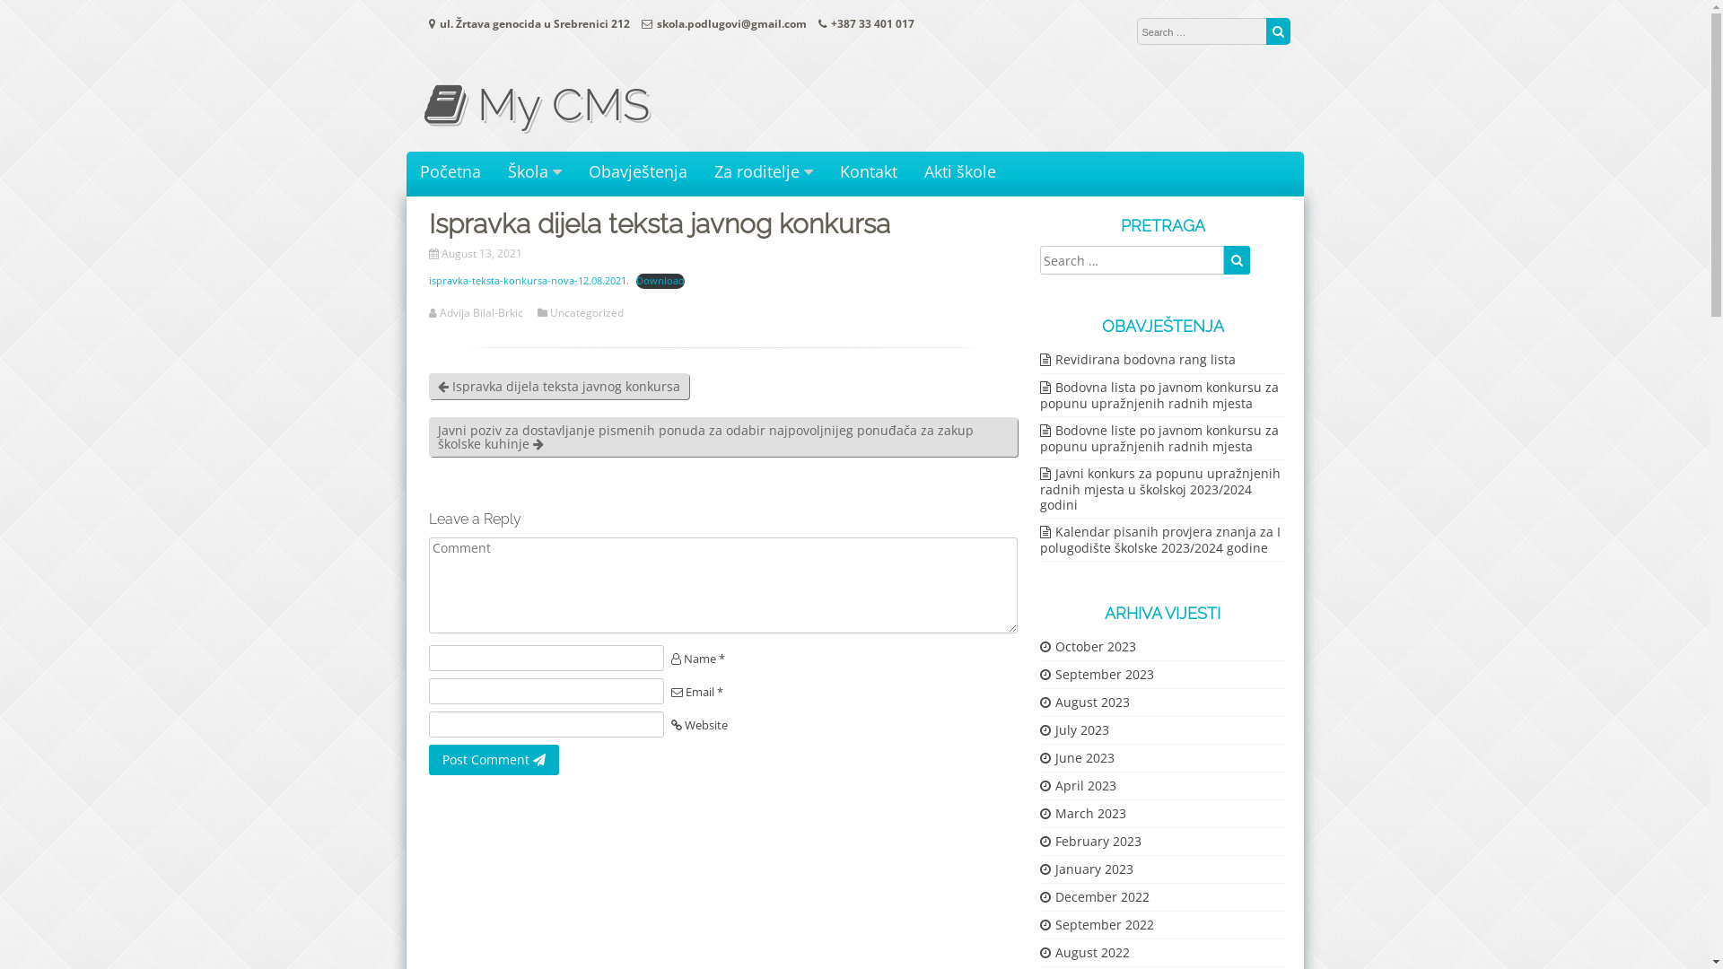  I want to click on 'Search', so click(1236, 259).